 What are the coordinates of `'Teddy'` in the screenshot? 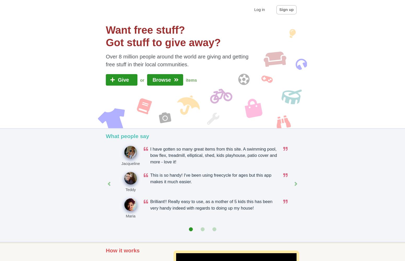 It's located at (130, 189).